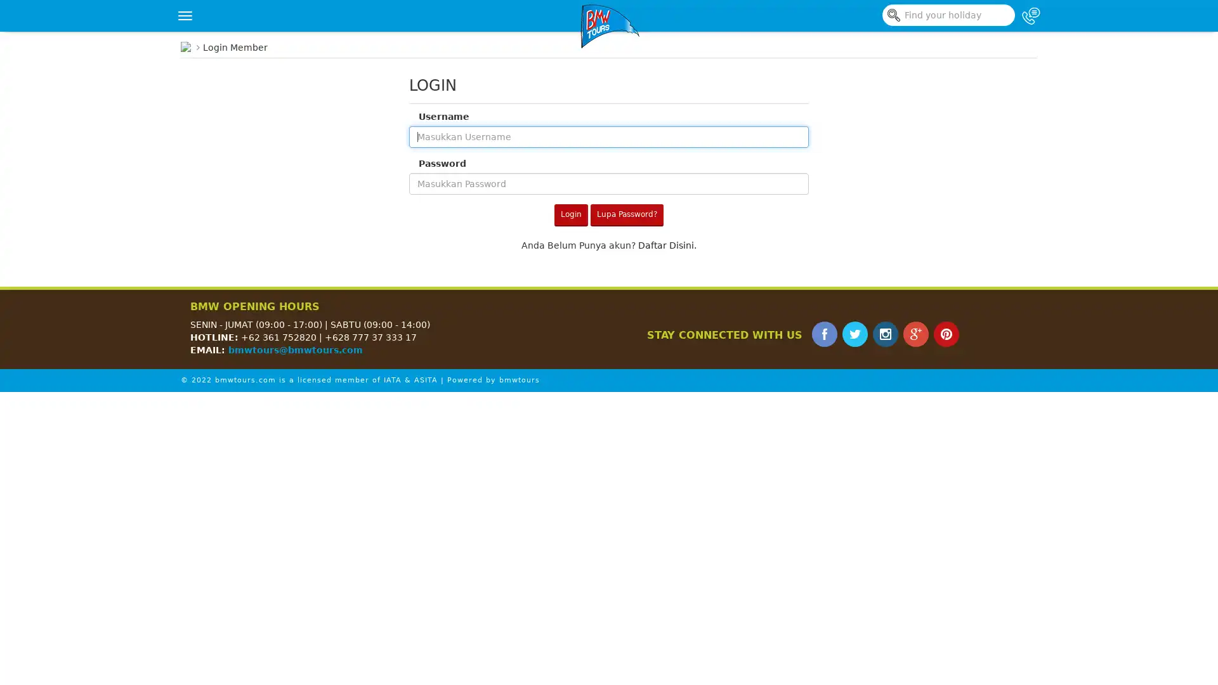  Describe the element at coordinates (185, 15) in the screenshot. I see `Toggle navigation` at that location.